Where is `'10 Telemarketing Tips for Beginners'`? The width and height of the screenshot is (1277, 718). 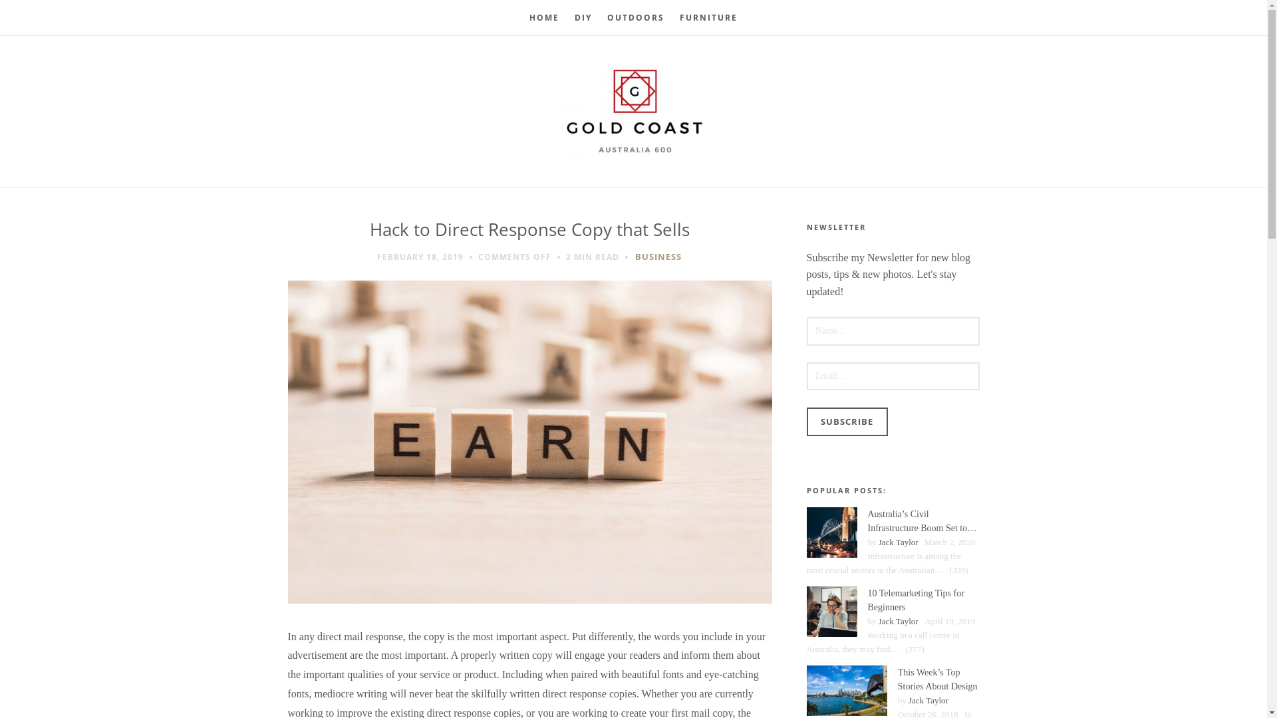
'10 Telemarketing Tips for Beginners' is located at coordinates (830, 612).